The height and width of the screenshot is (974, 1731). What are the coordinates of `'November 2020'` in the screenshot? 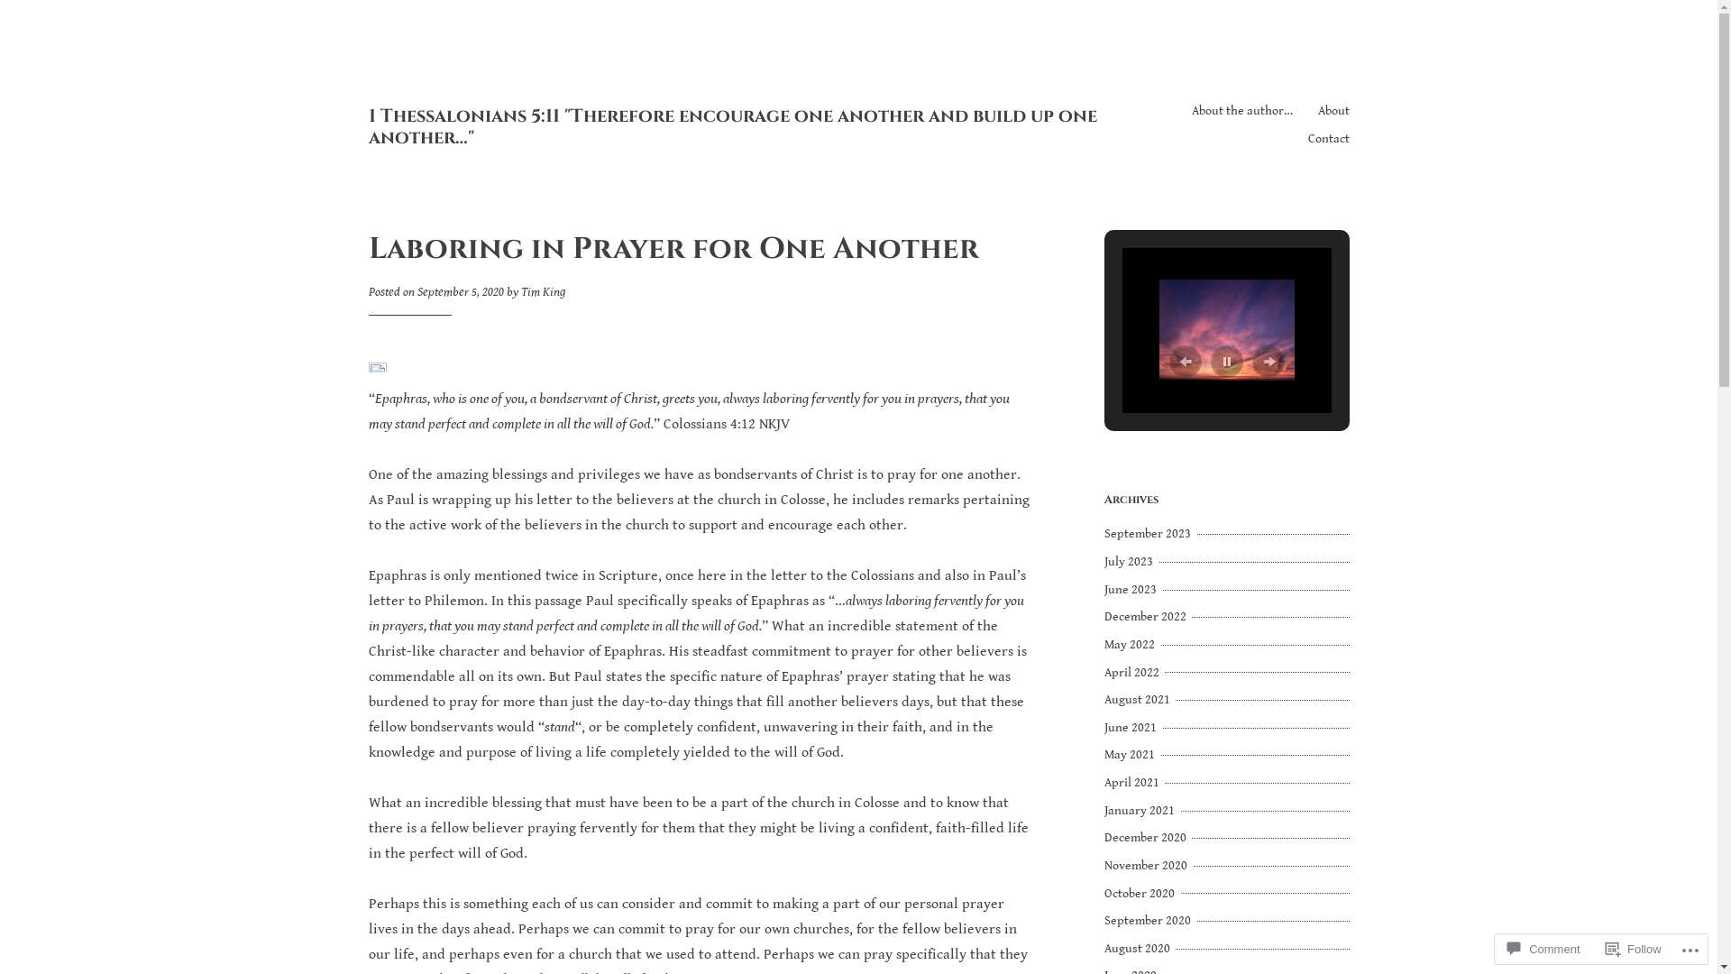 It's located at (1146, 865).